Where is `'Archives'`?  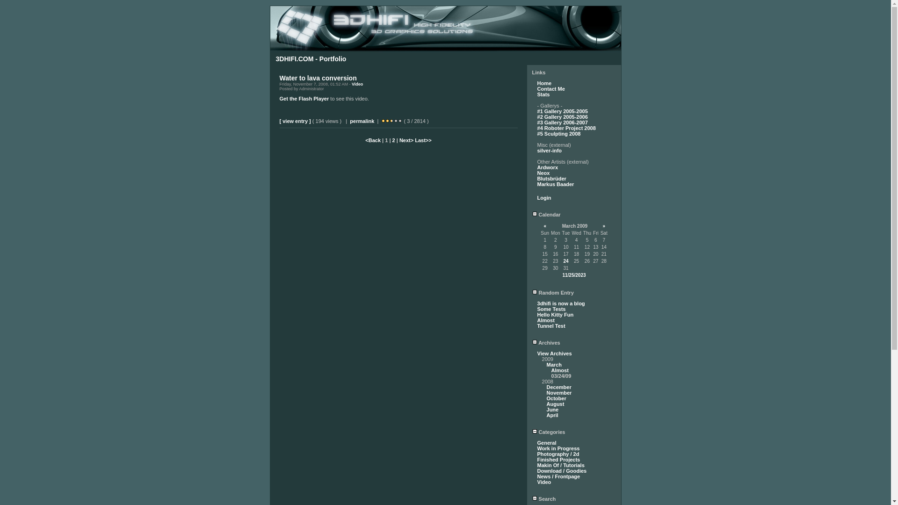
'Archives' is located at coordinates (546, 342).